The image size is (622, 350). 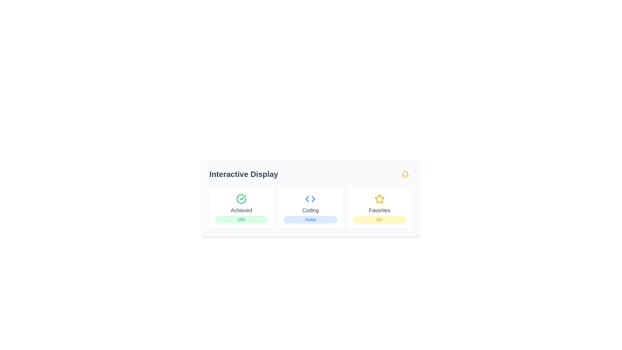 What do you see at coordinates (310, 209) in the screenshot?
I see `the second card-like display component in the grid` at bounding box center [310, 209].